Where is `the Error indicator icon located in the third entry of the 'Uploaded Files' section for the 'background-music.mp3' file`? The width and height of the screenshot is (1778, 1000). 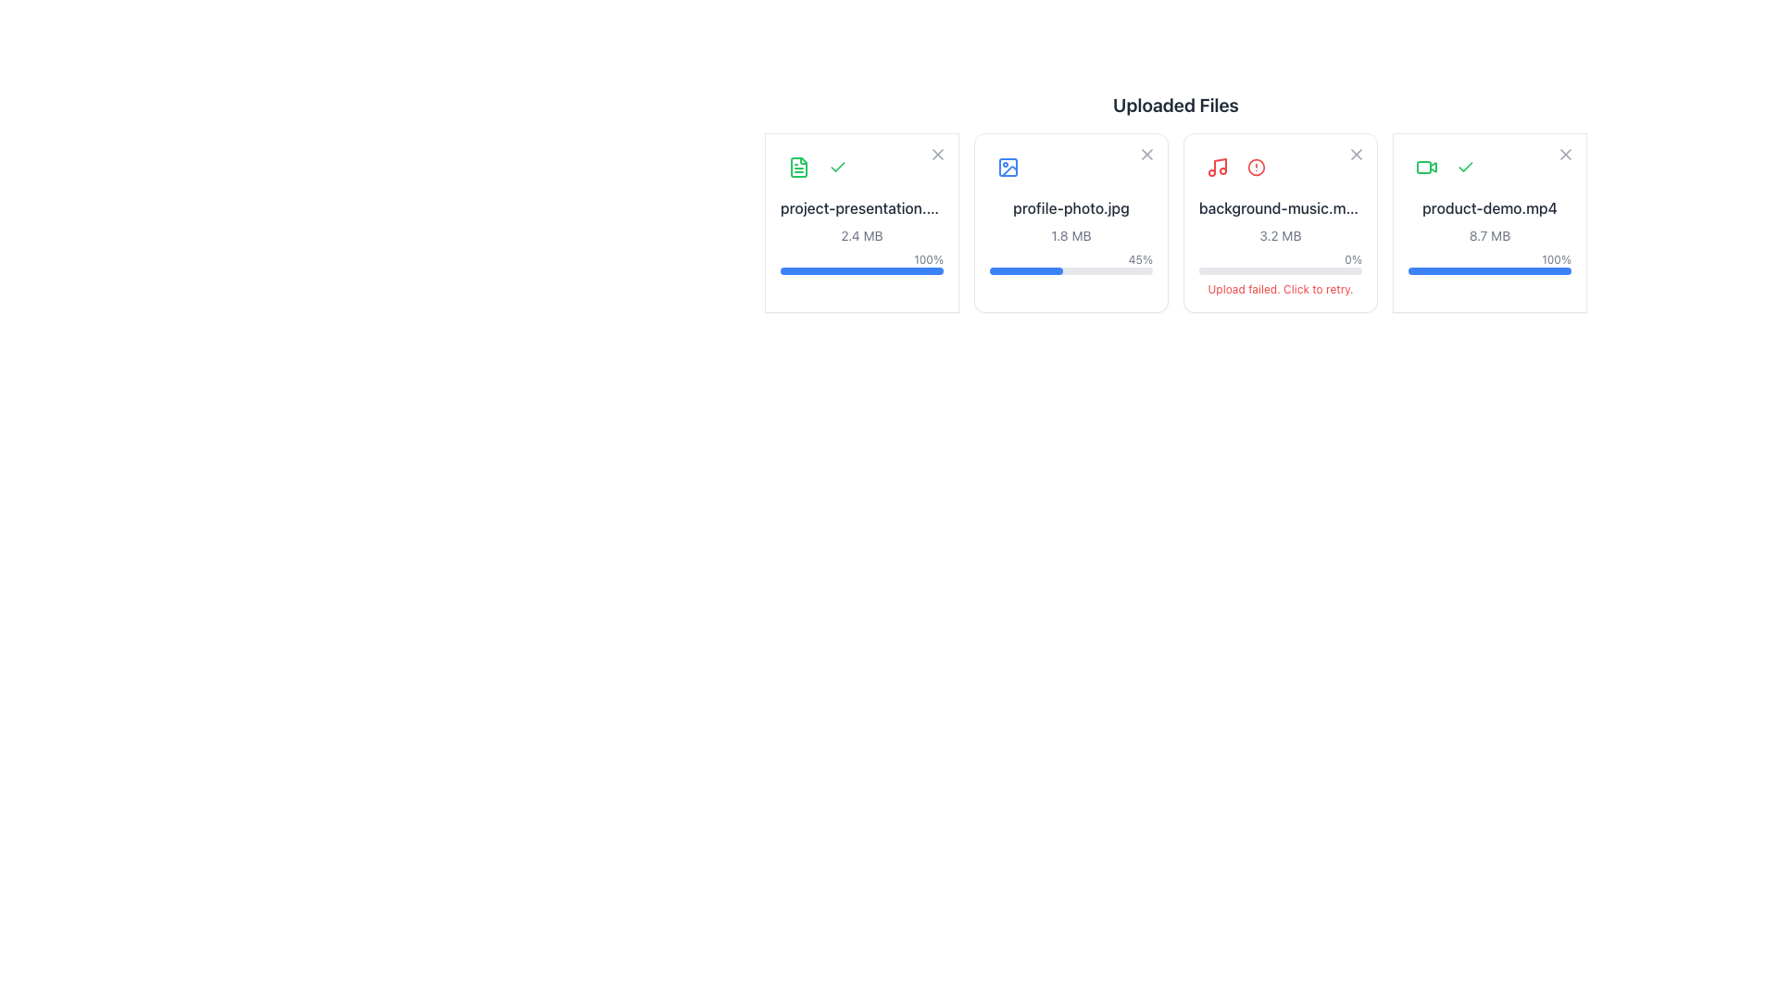 the Error indicator icon located in the third entry of the 'Uploaded Files' section for the 'background-music.mp3' file is located at coordinates (1257, 168).